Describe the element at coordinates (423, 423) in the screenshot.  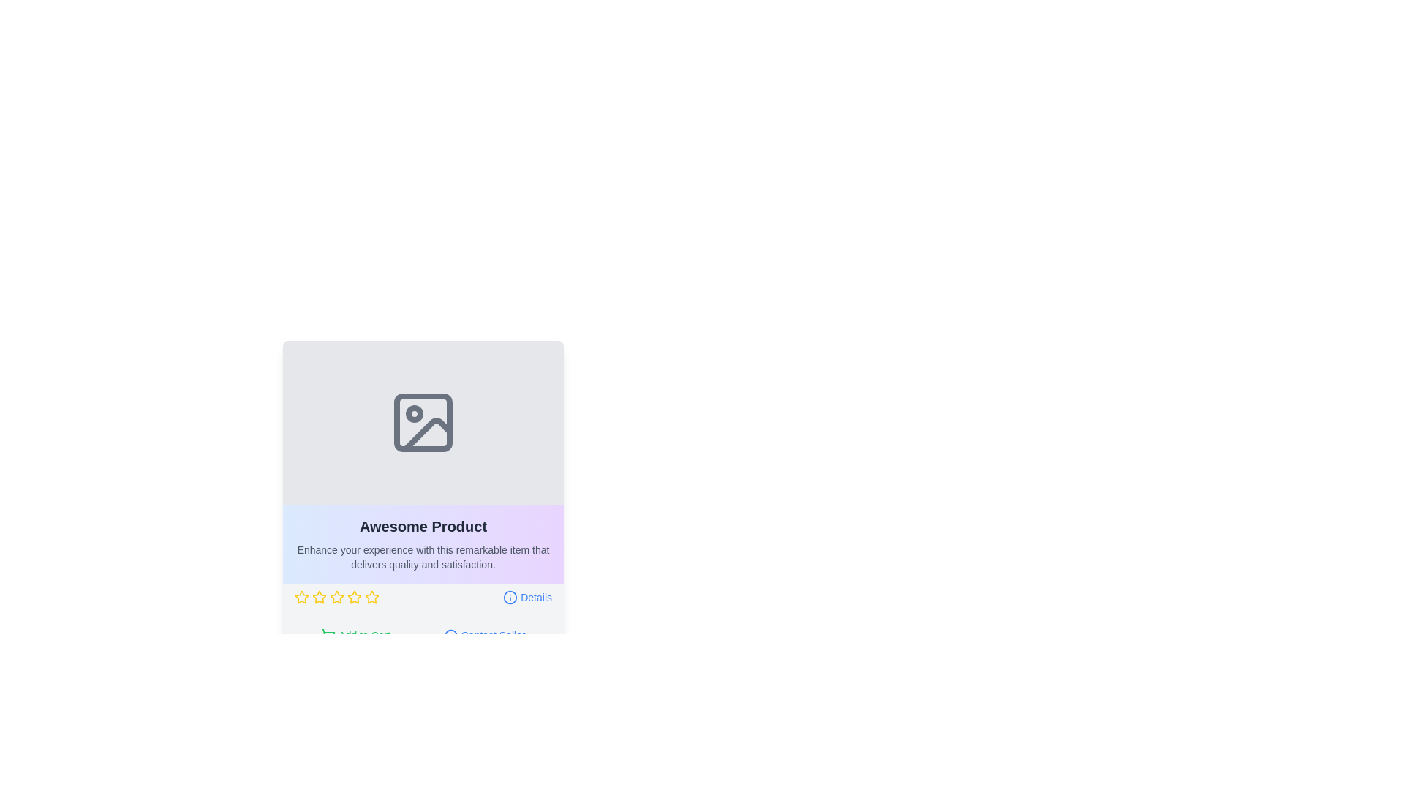
I see `the image placeholder icon located at the center of the gray rectangular area above the text 'Awesome Product'` at that location.